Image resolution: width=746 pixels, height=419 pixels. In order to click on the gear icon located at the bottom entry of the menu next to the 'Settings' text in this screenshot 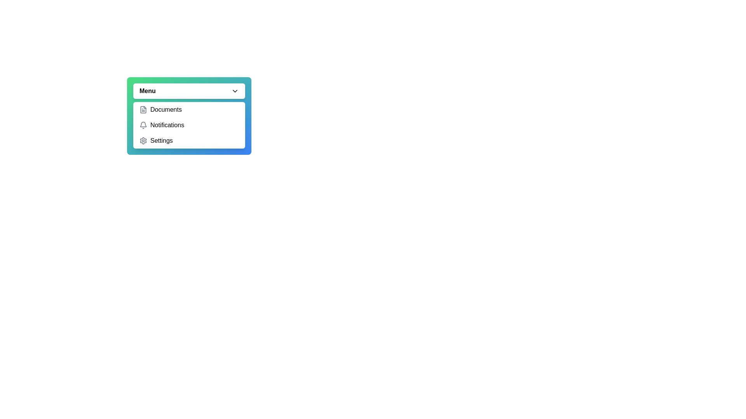, I will do `click(143, 140)`.